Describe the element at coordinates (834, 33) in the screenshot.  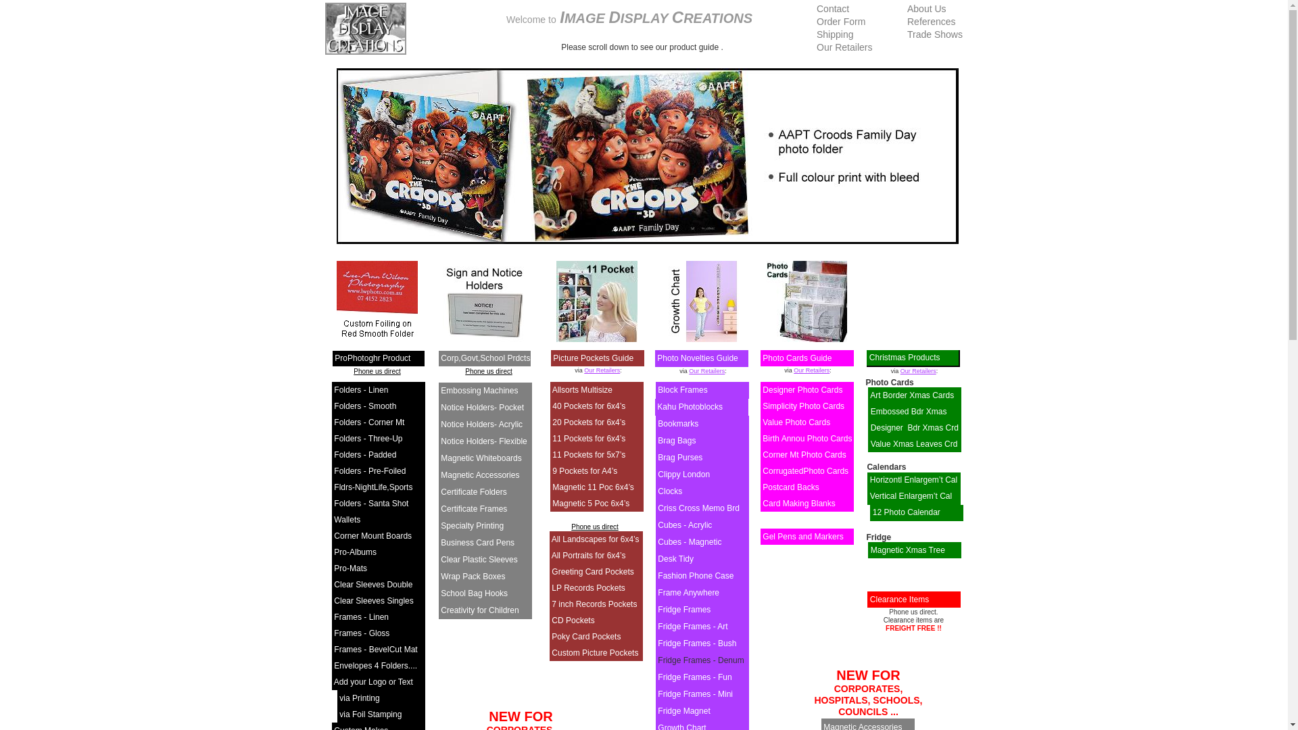
I see `'Shipping'` at that location.